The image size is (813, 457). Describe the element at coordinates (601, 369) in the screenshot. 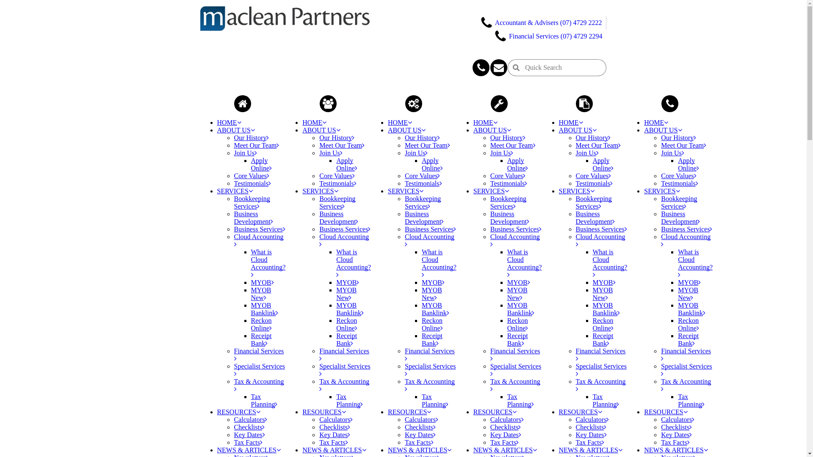

I see `'Specialist Services'` at that location.